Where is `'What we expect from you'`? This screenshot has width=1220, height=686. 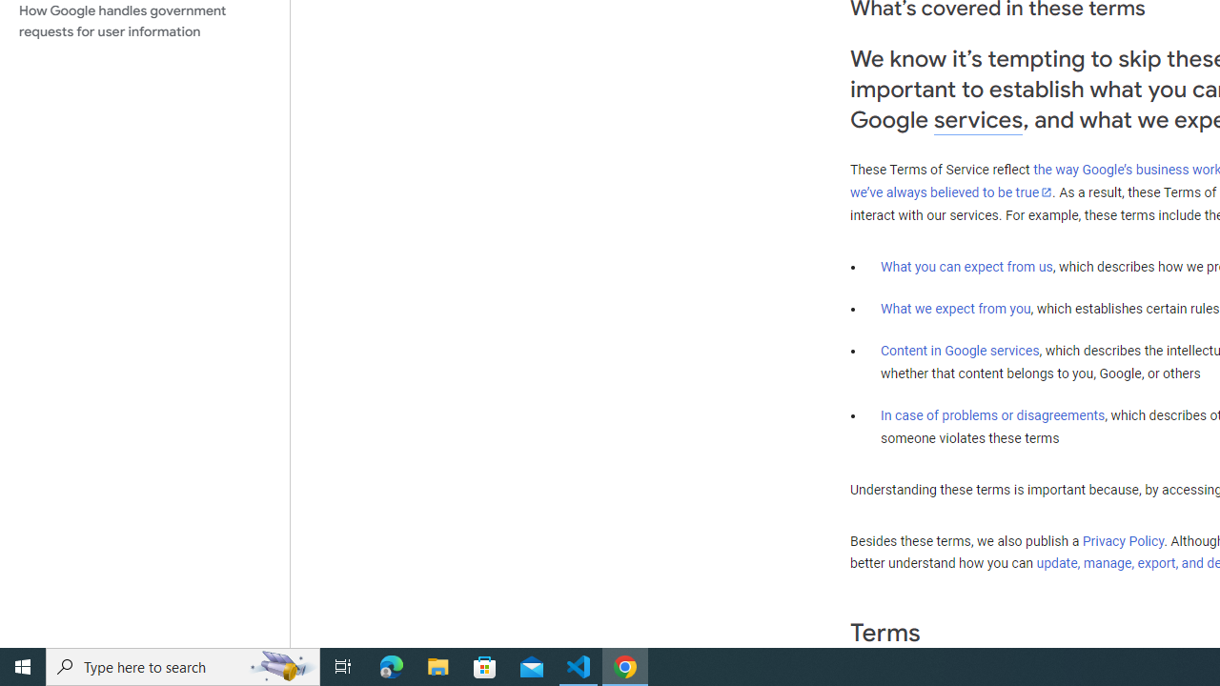
'What we expect from you' is located at coordinates (955, 308).